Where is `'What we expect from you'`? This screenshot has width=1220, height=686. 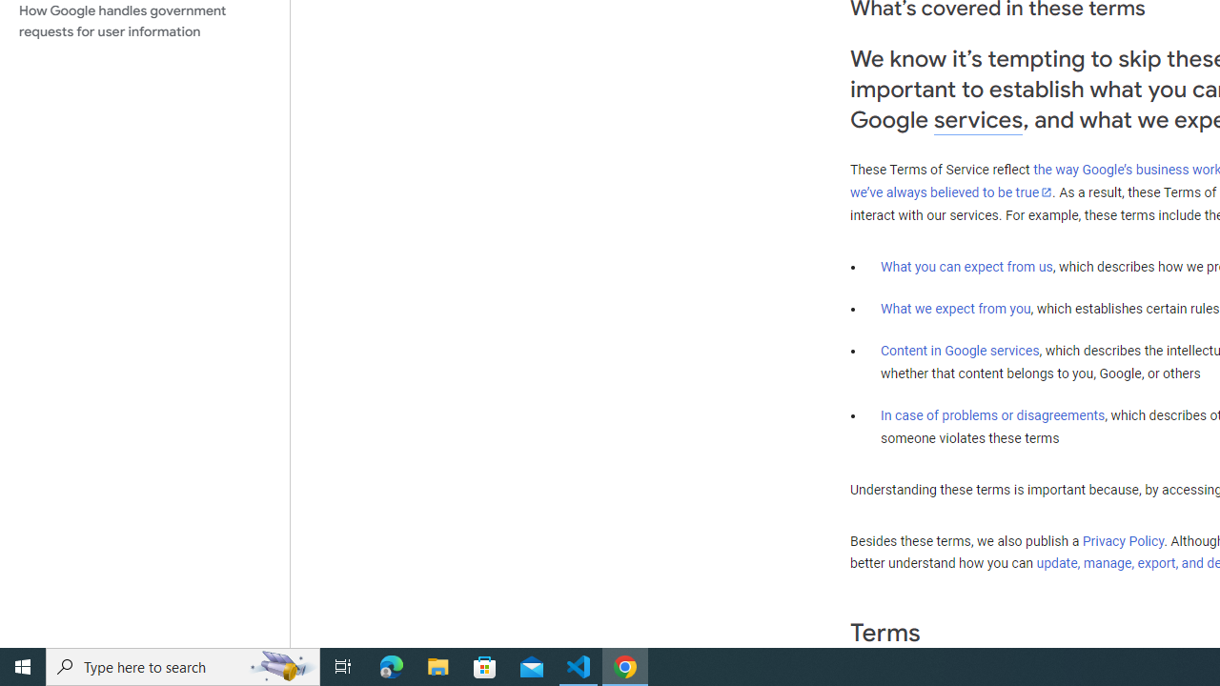
'What we expect from you' is located at coordinates (955, 308).